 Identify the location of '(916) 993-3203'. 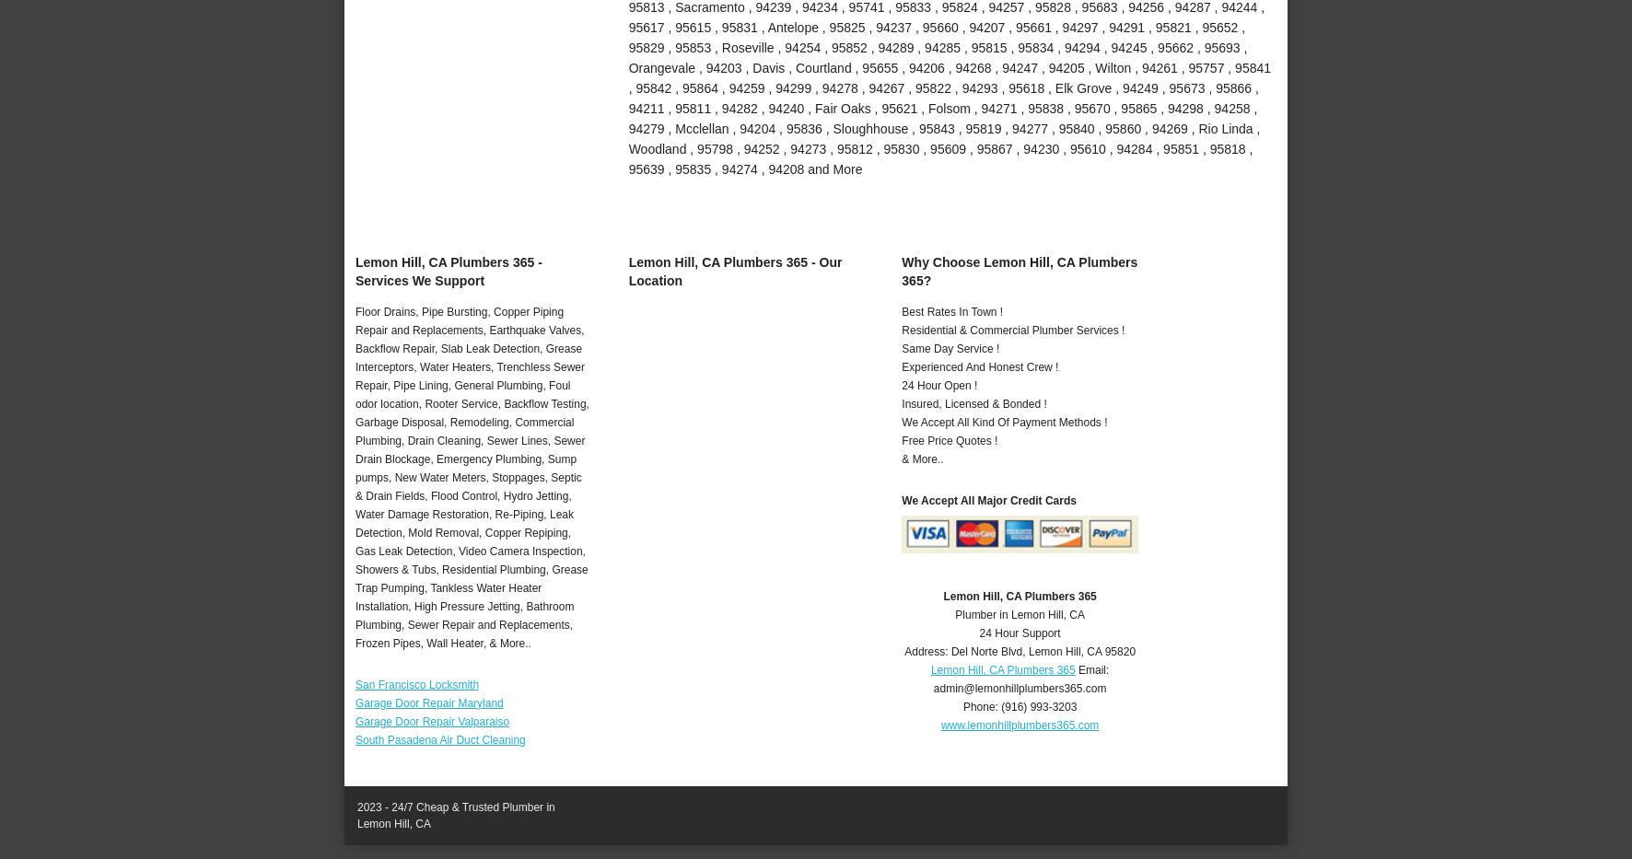
(1038, 706).